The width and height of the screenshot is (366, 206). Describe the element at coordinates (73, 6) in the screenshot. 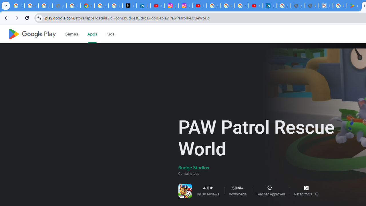

I see `'Privacy Help Center - Policies Help'` at that location.